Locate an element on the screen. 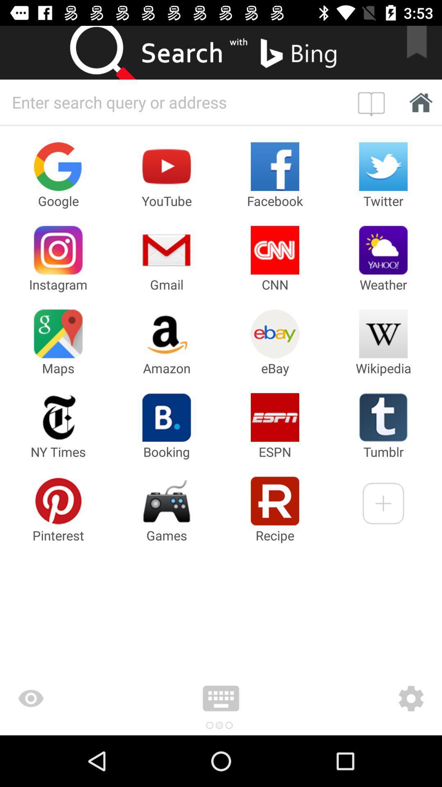 This screenshot has width=442, height=787. bookmark is located at coordinates (422, 52).